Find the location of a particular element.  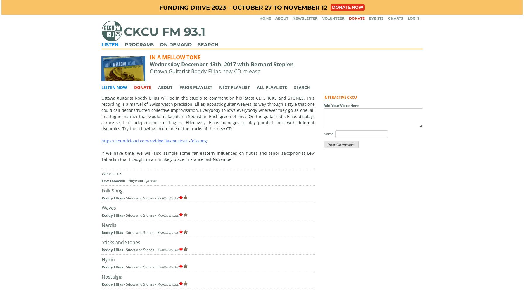

'Funding Drive 2023 – October 27 to November 12' is located at coordinates (243, 7).